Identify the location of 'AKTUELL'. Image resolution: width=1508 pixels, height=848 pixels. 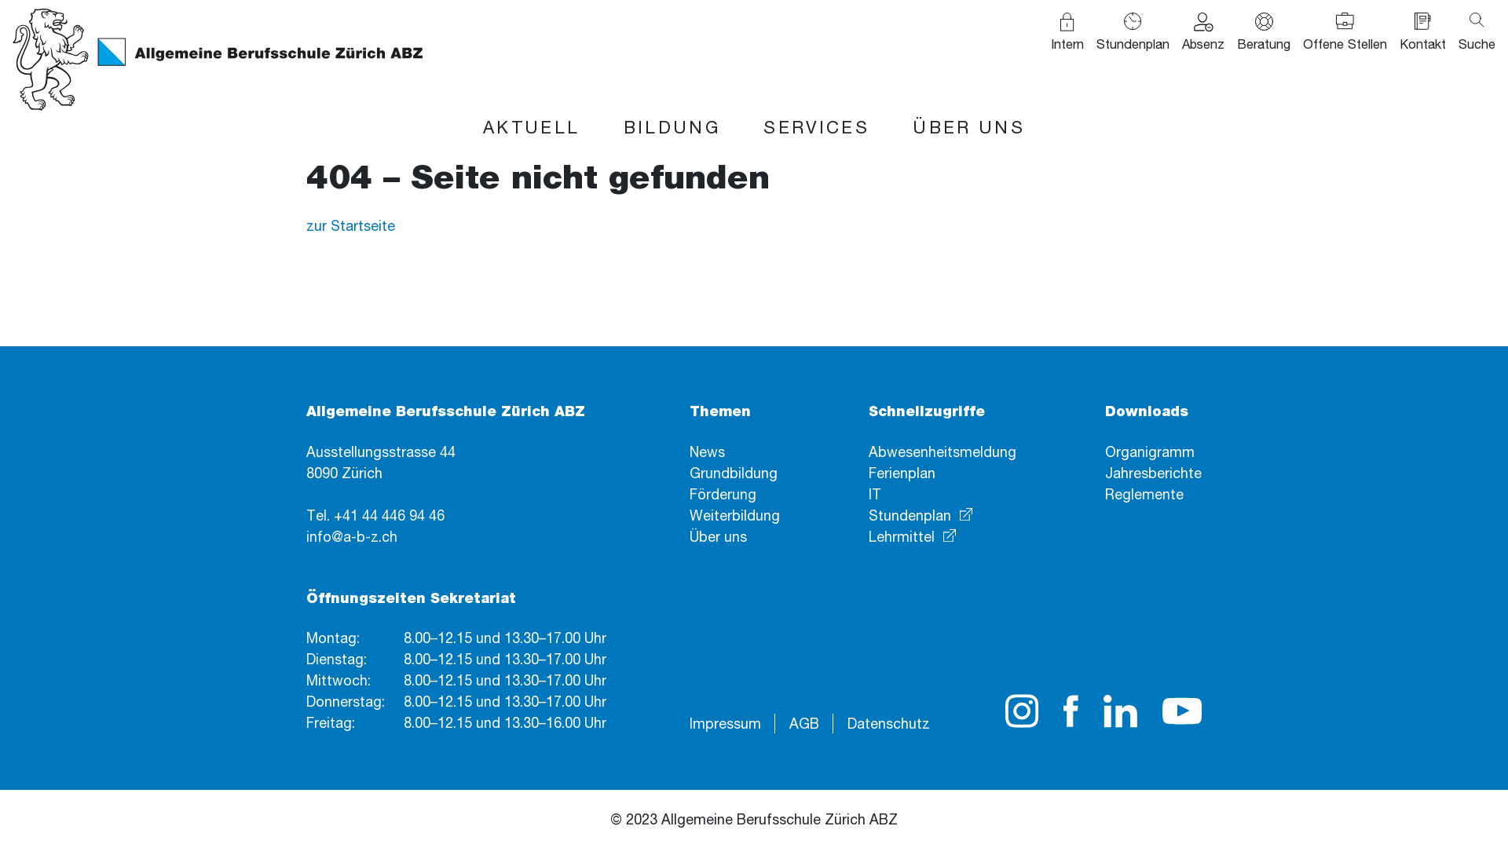
(531, 126).